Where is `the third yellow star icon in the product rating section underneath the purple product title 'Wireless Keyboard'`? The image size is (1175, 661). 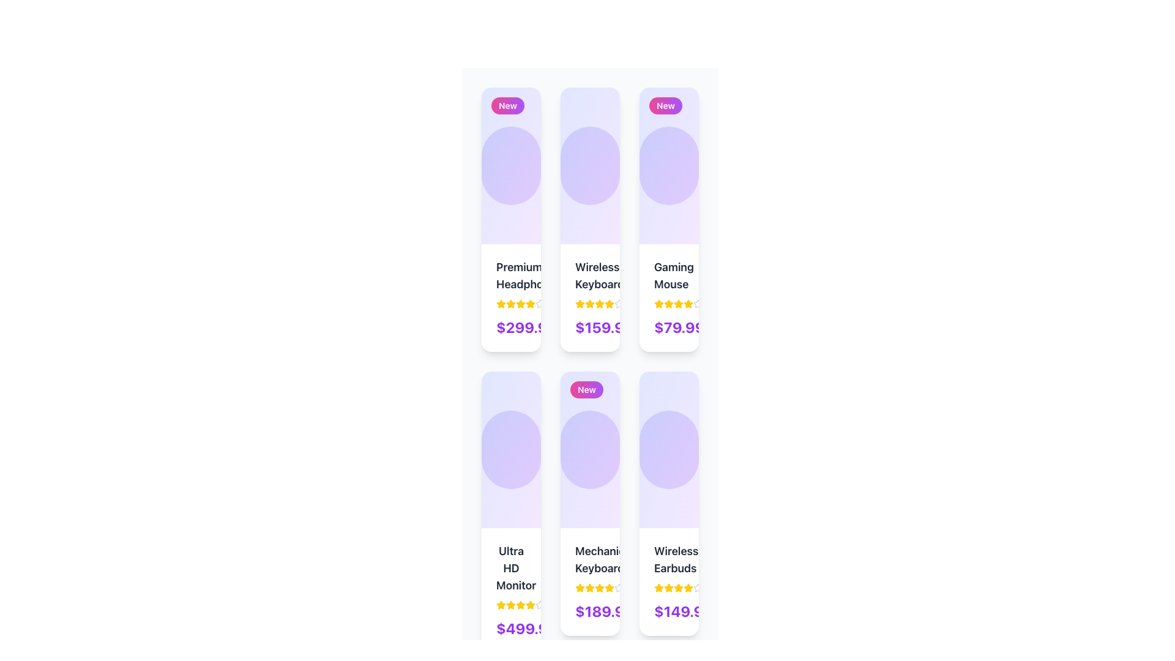
the third yellow star icon in the product rating section underneath the purple product title 'Wireless Keyboard' is located at coordinates (590, 304).